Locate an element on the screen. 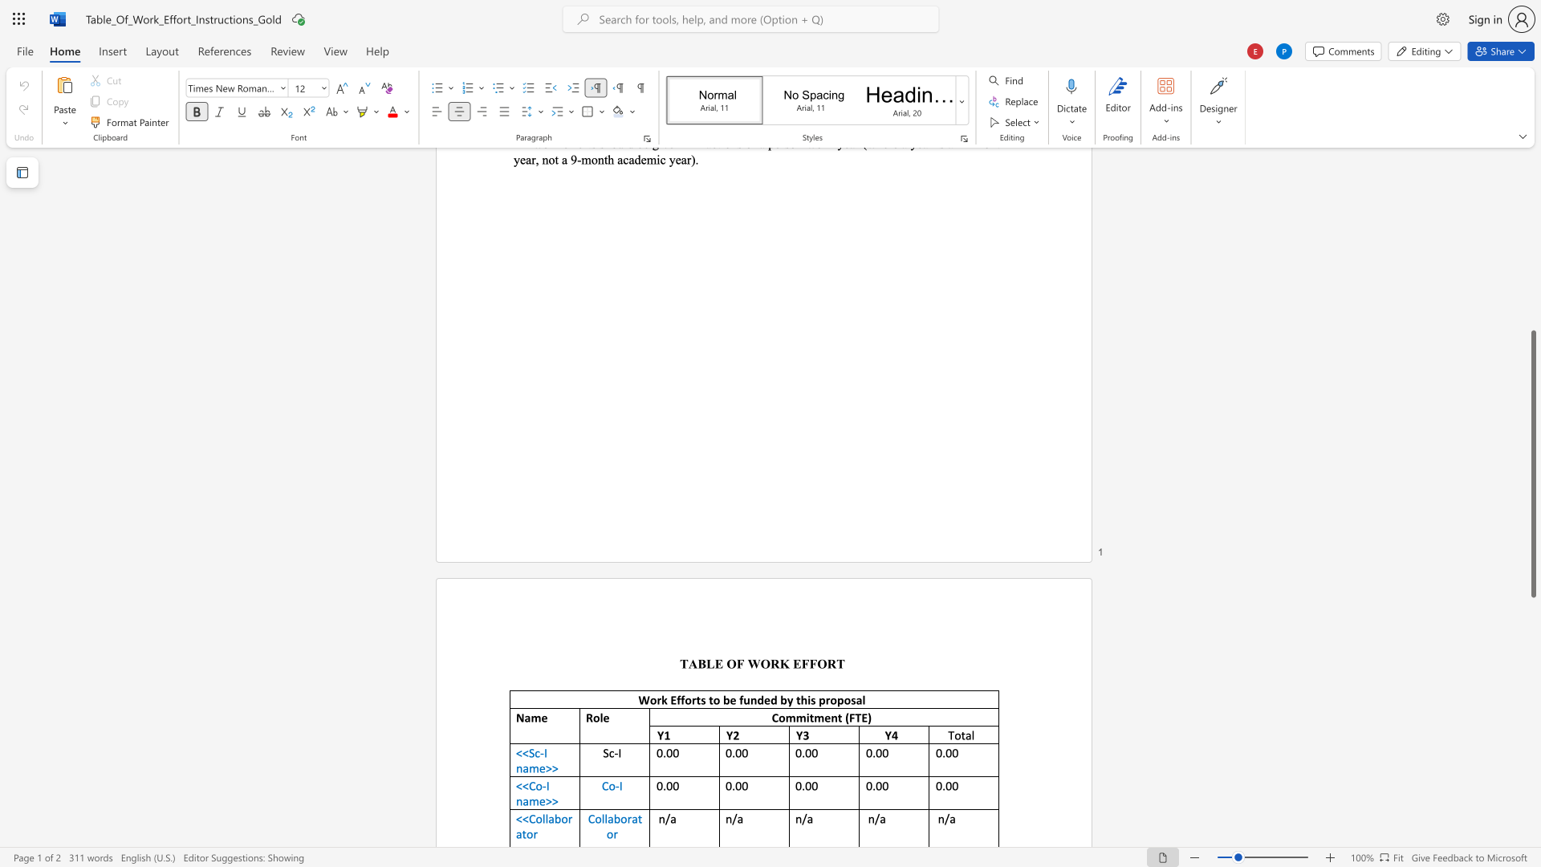 The image size is (1541, 867). the scrollbar on the side is located at coordinates (1532, 184).